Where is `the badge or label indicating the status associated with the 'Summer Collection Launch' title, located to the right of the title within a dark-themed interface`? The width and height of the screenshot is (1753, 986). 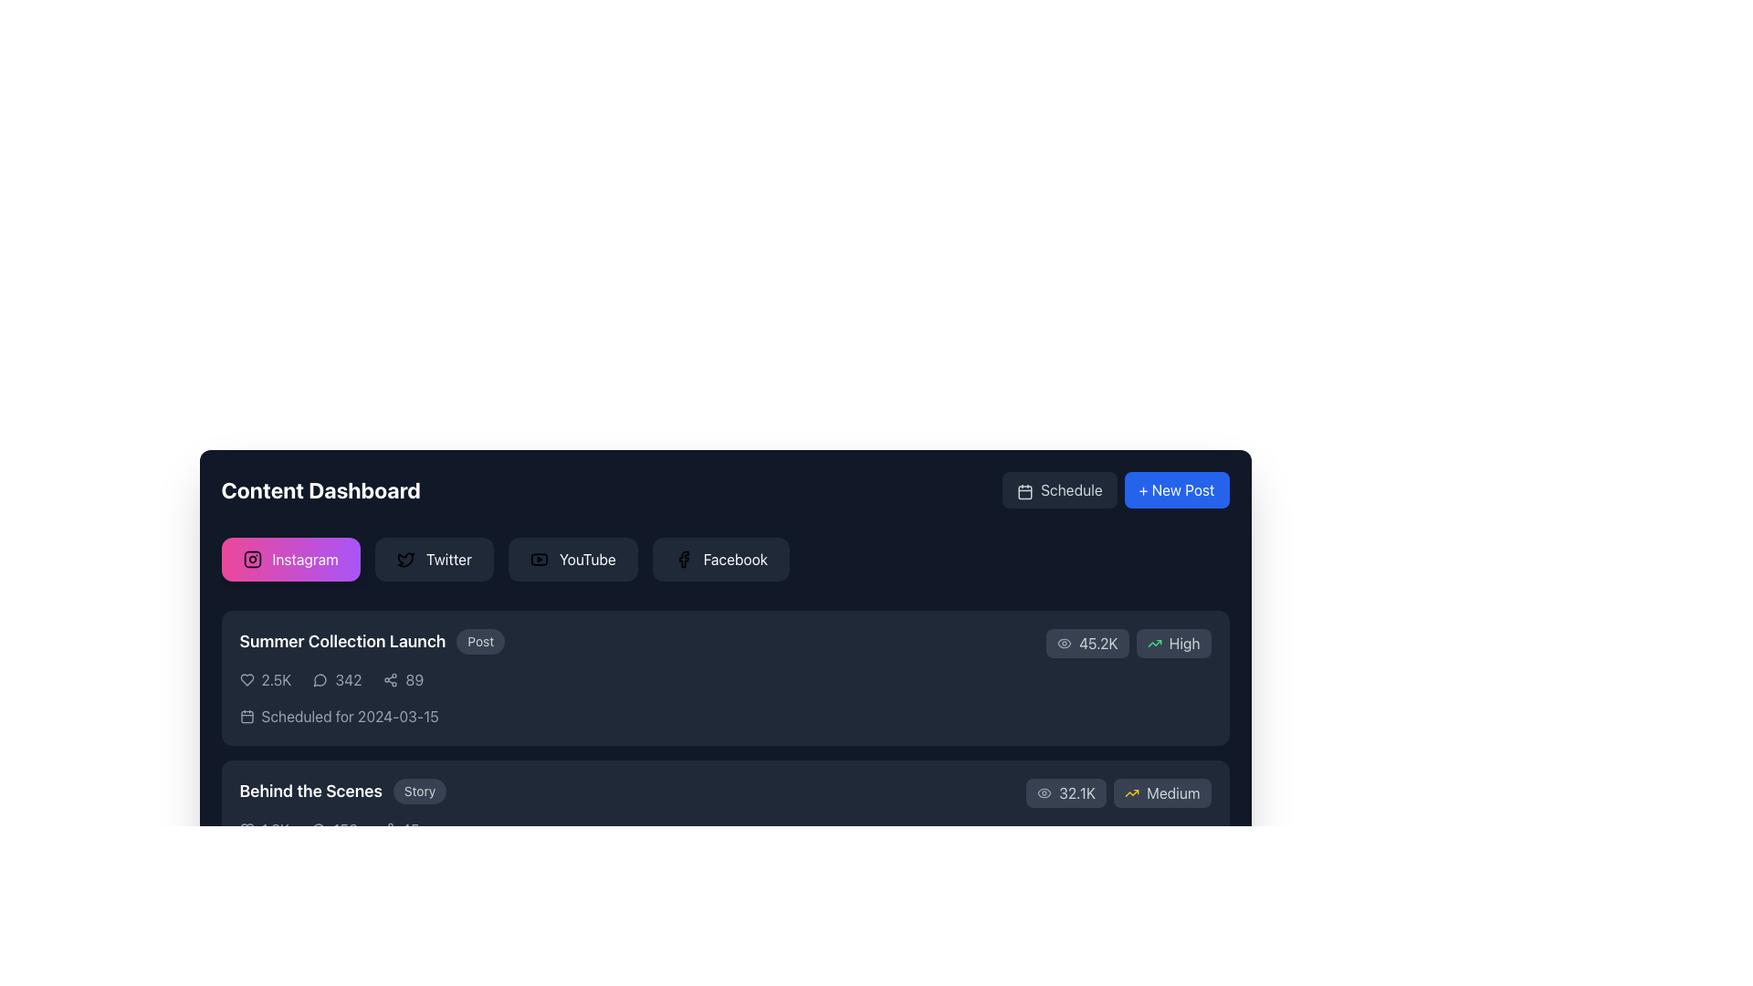 the badge or label indicating the status associated with the 'Summer Collection Launch' title, located to the right of the title within a dark-themed interface is located at coordinates (480, 640).